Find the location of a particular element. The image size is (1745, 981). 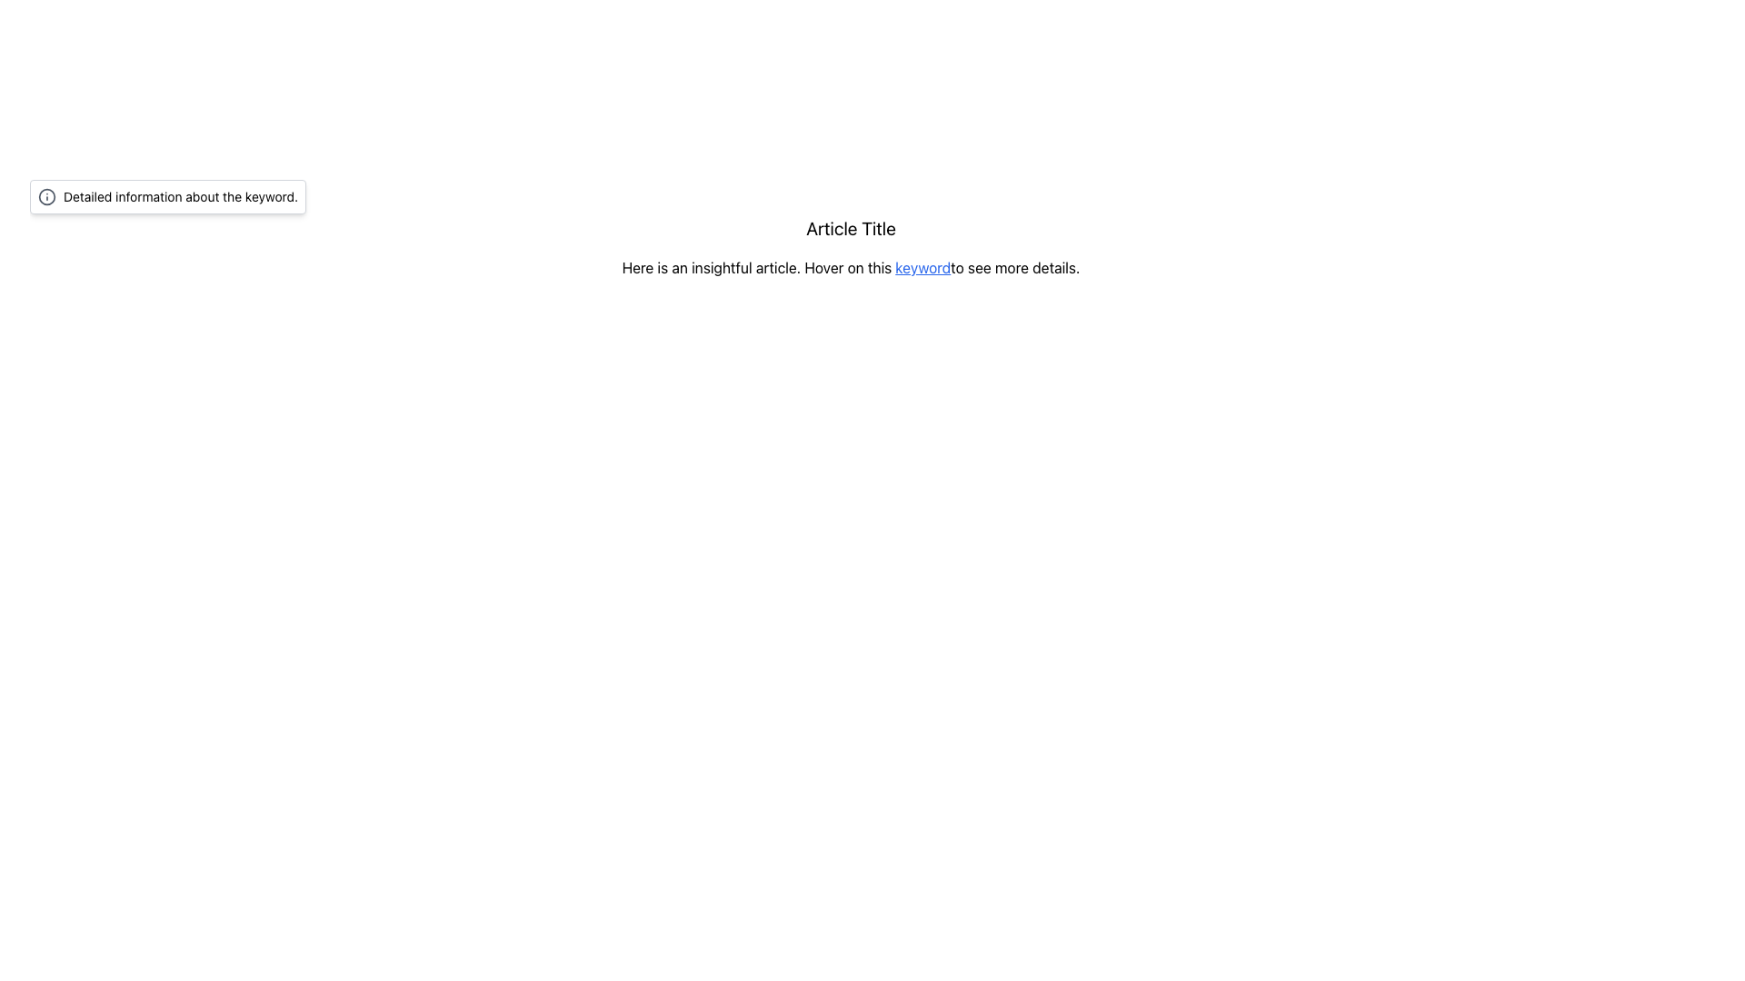

the hyperlink that appears after the phrase 'Hover on this' in the text 'Here is an insightful article. Hover on this keyword is located at coordinates (922, 267).